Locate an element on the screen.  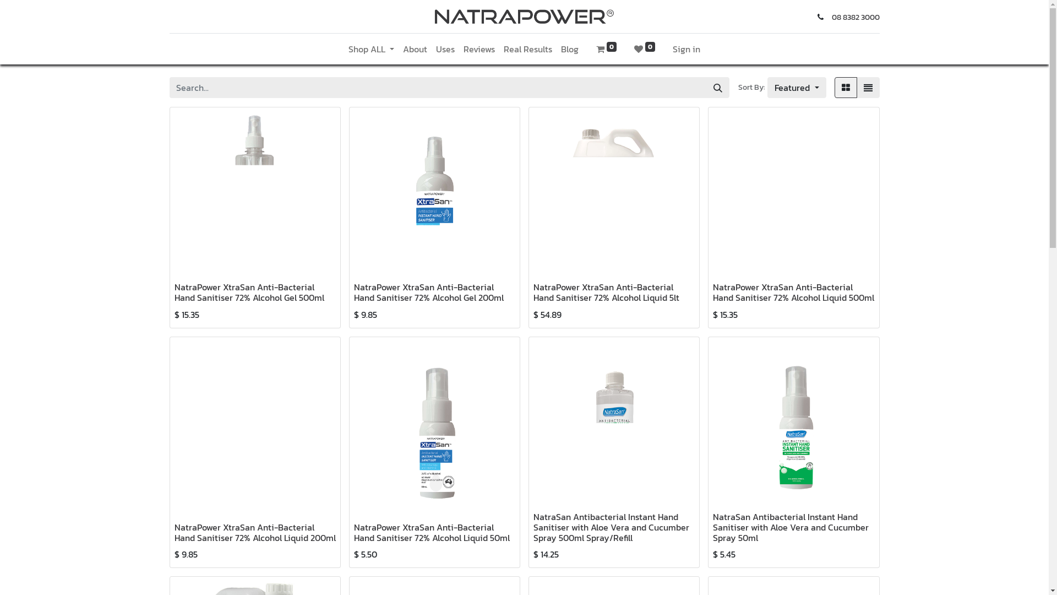
'0' is located at coordinates (629, 48).